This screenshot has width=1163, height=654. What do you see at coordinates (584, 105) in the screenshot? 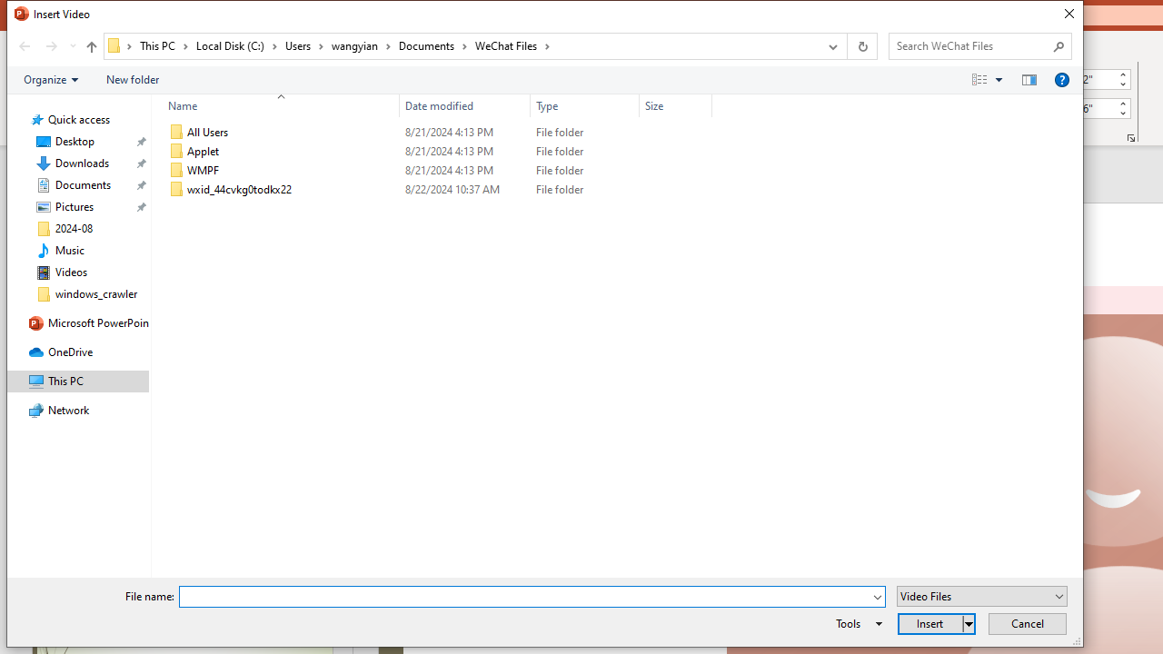
I see `'Type'` at bounding box center [584, 105].